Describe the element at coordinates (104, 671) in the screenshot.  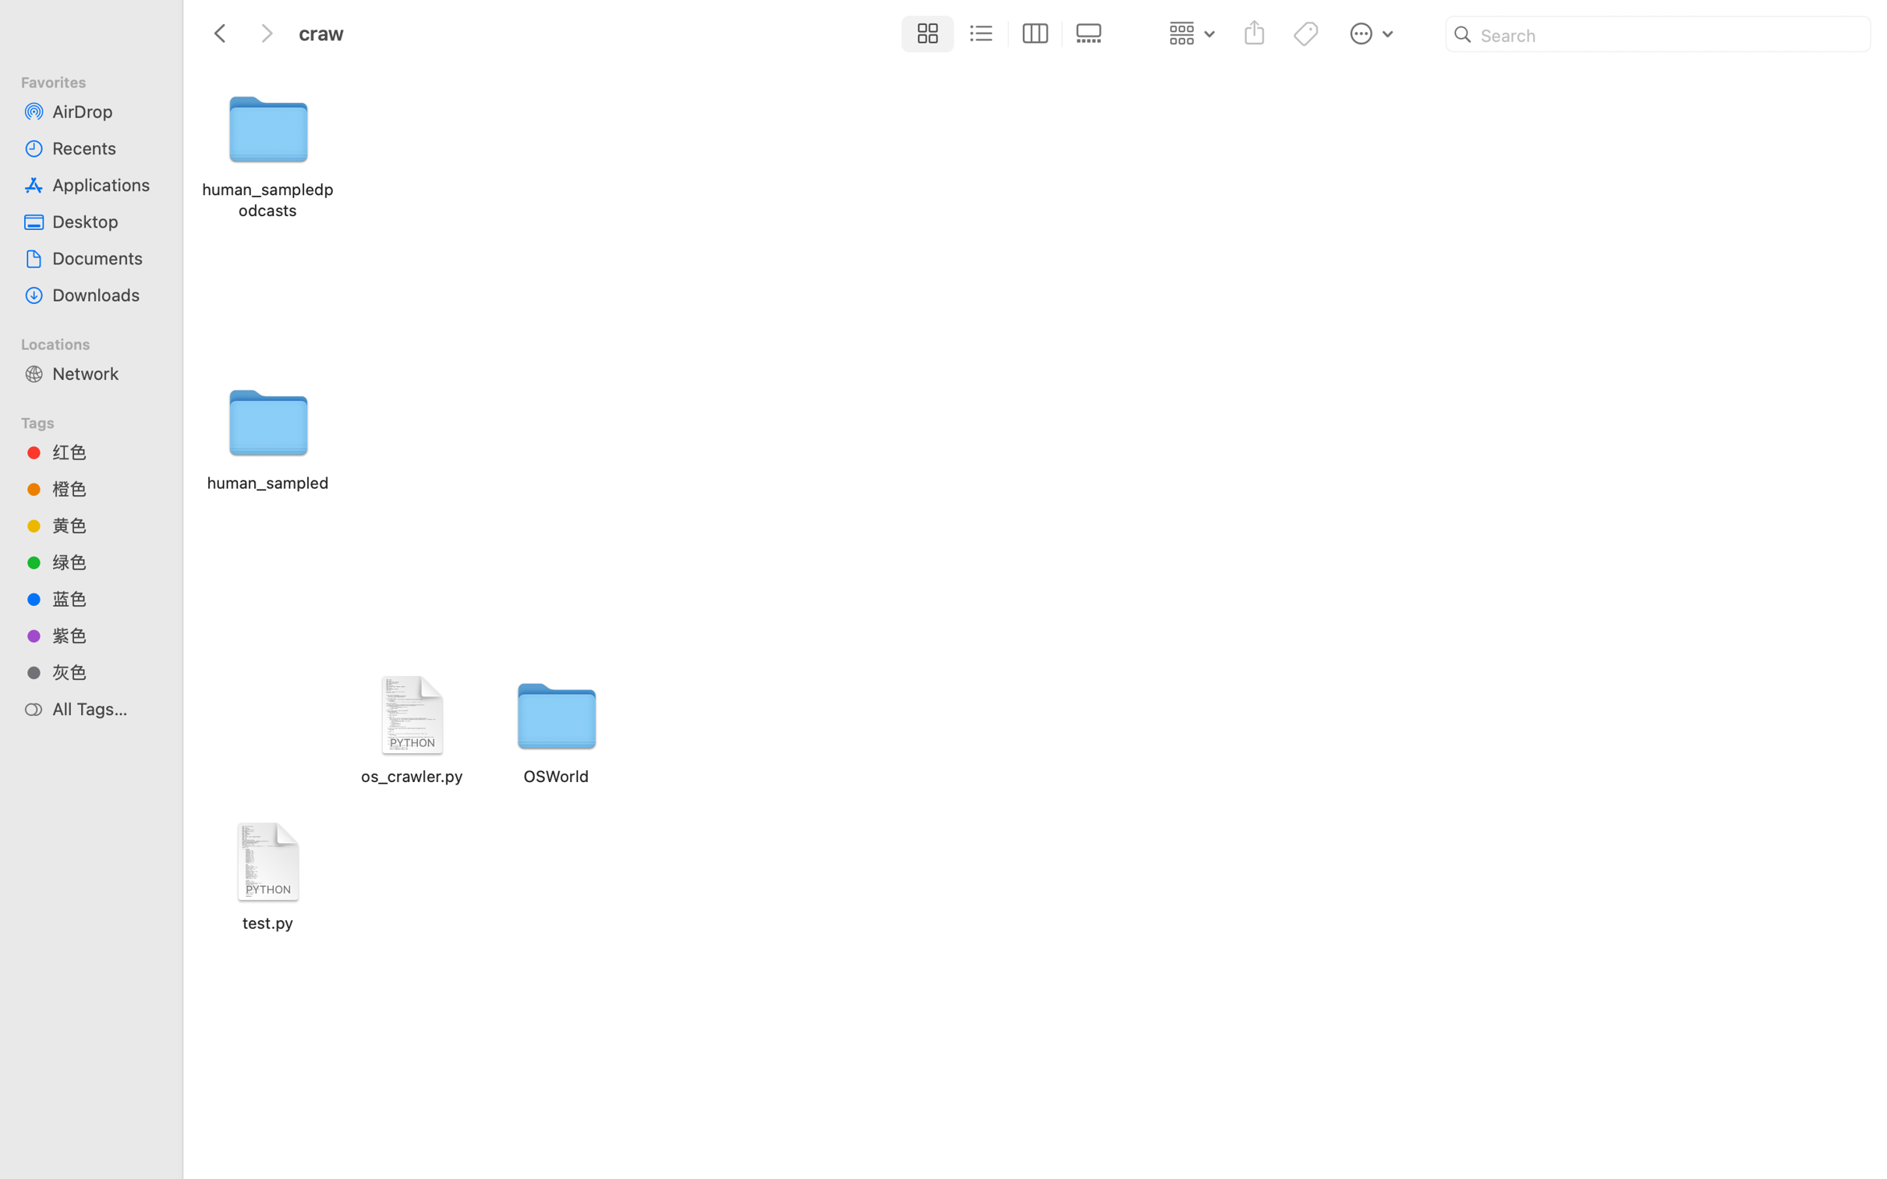
I see `'灰色'` at that location.